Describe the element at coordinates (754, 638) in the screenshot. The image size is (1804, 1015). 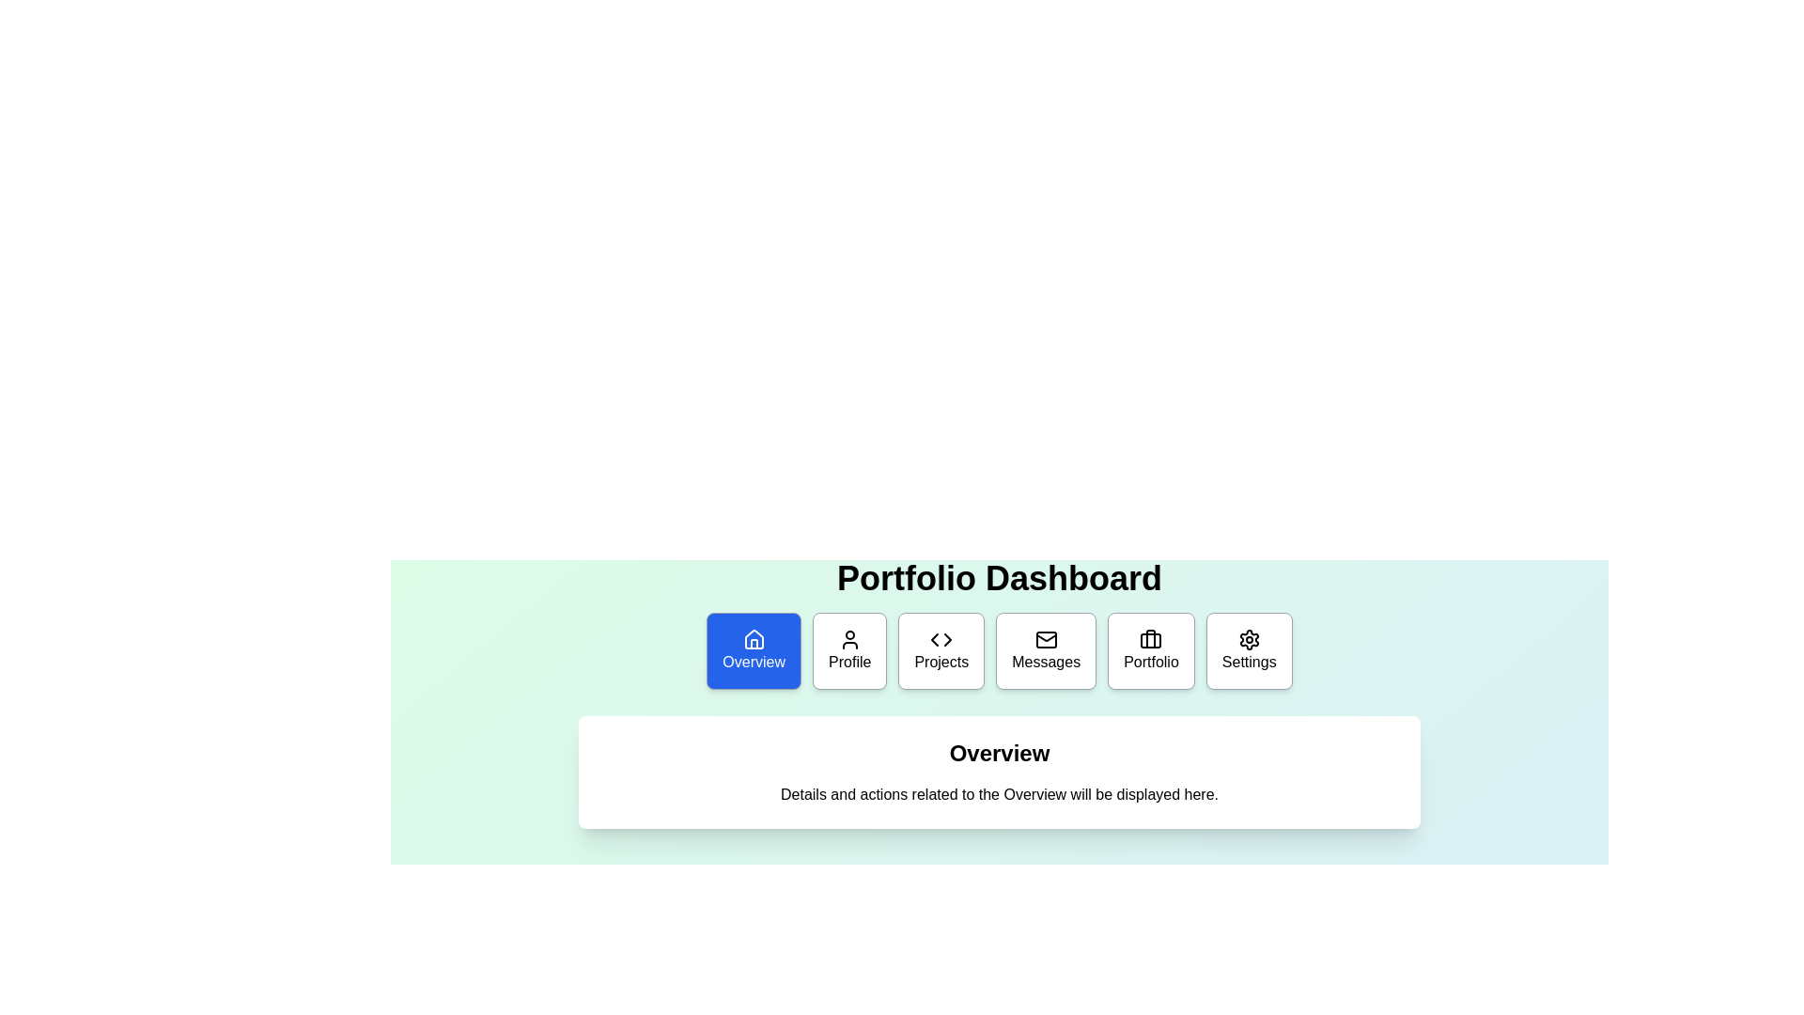
I see `the house icon located in the Overview section's button of the navigation bar at the bottom of the Portfolio Dashboard interface` at that location.